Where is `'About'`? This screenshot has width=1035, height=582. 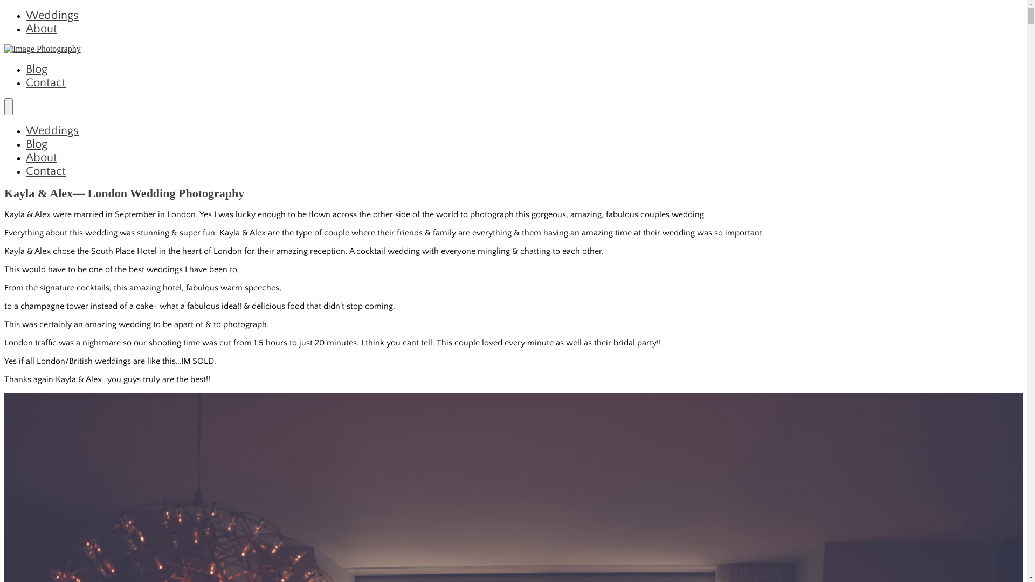 'About' is located at coordinates (26, 157).